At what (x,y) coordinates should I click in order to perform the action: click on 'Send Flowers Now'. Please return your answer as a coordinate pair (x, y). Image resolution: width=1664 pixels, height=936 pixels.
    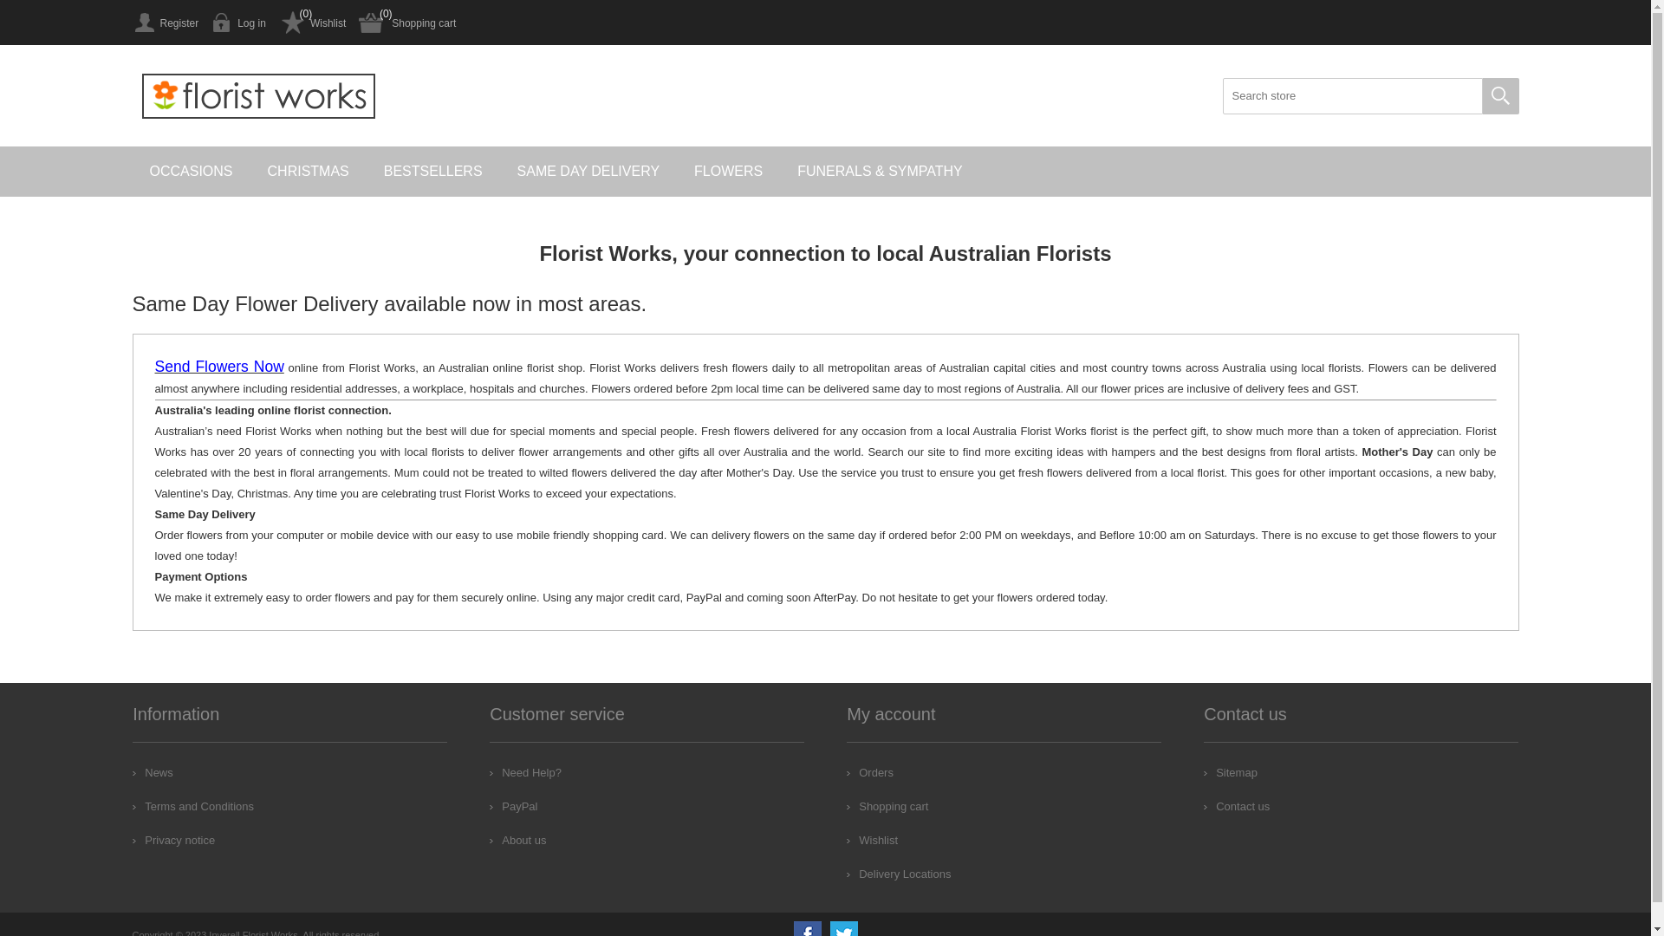
    Looking at the image, I should click on (218, 367).